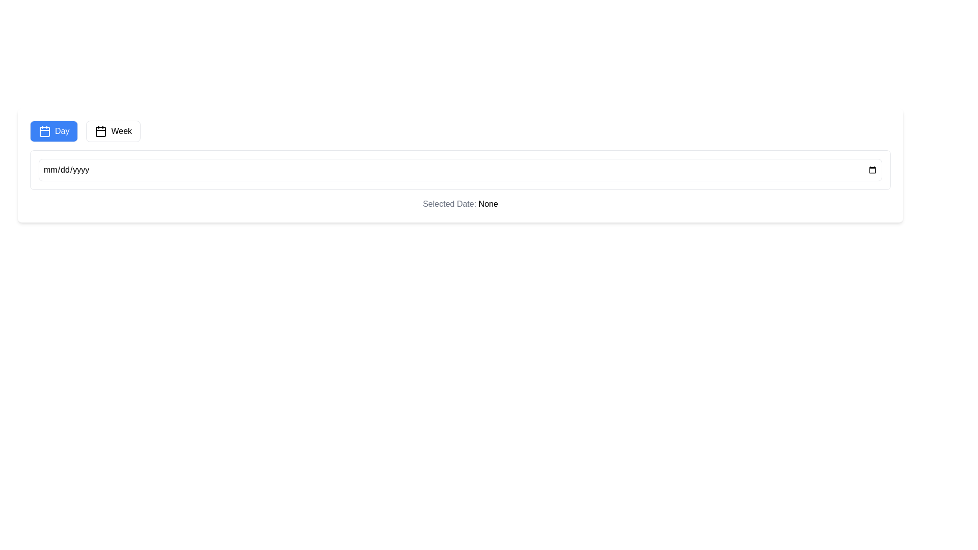  What do you see at coordinates (121, 131) in the screenshot?
I see `displayed text 'Week' within the button that has a white background and is located next to the 'Day' button` at bounding box center [121, 131].